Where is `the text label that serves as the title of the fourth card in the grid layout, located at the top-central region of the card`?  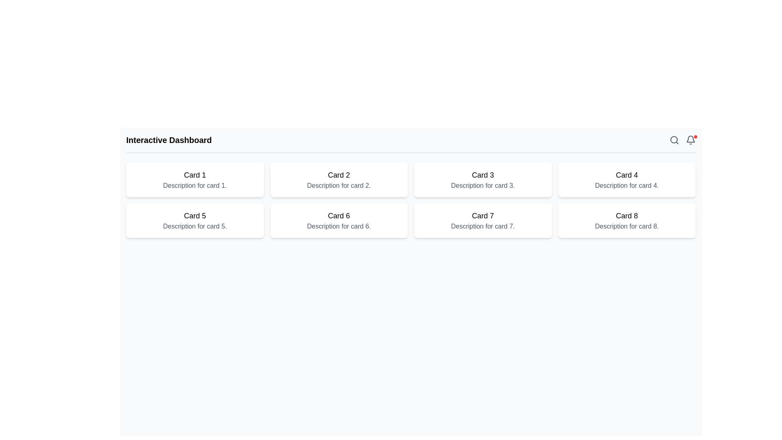
the text label that serves as the title of the fourth card in the grid layout, located at the top-central region of the card is located at coordinates (626, 174).